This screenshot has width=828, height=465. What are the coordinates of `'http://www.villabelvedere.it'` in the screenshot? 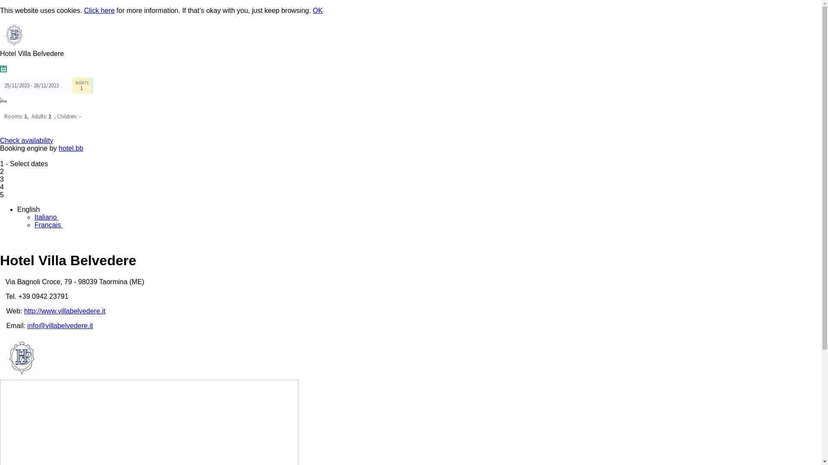 It's located at (64, 311).